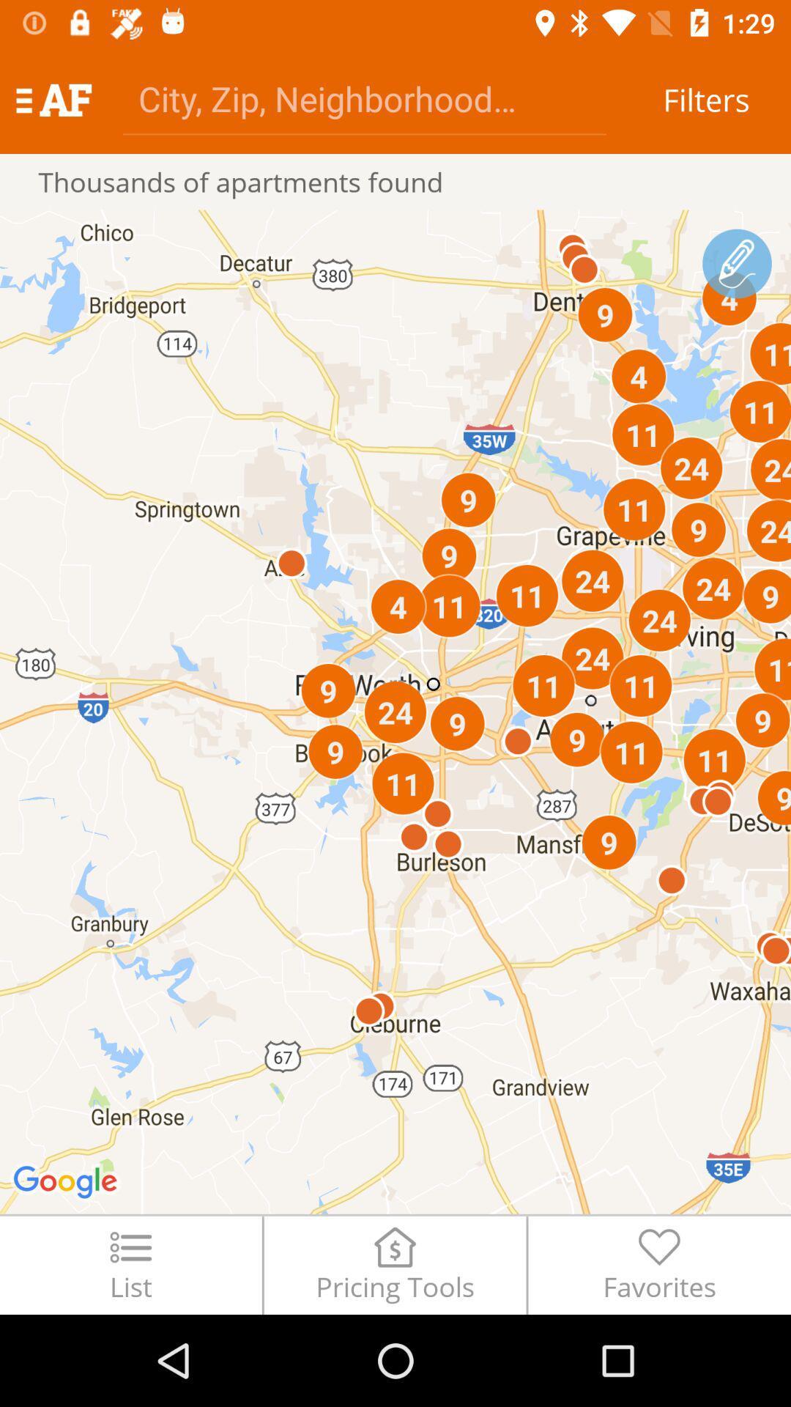  I want to click on icon above the thousands of apartments item, so click(363, 97).